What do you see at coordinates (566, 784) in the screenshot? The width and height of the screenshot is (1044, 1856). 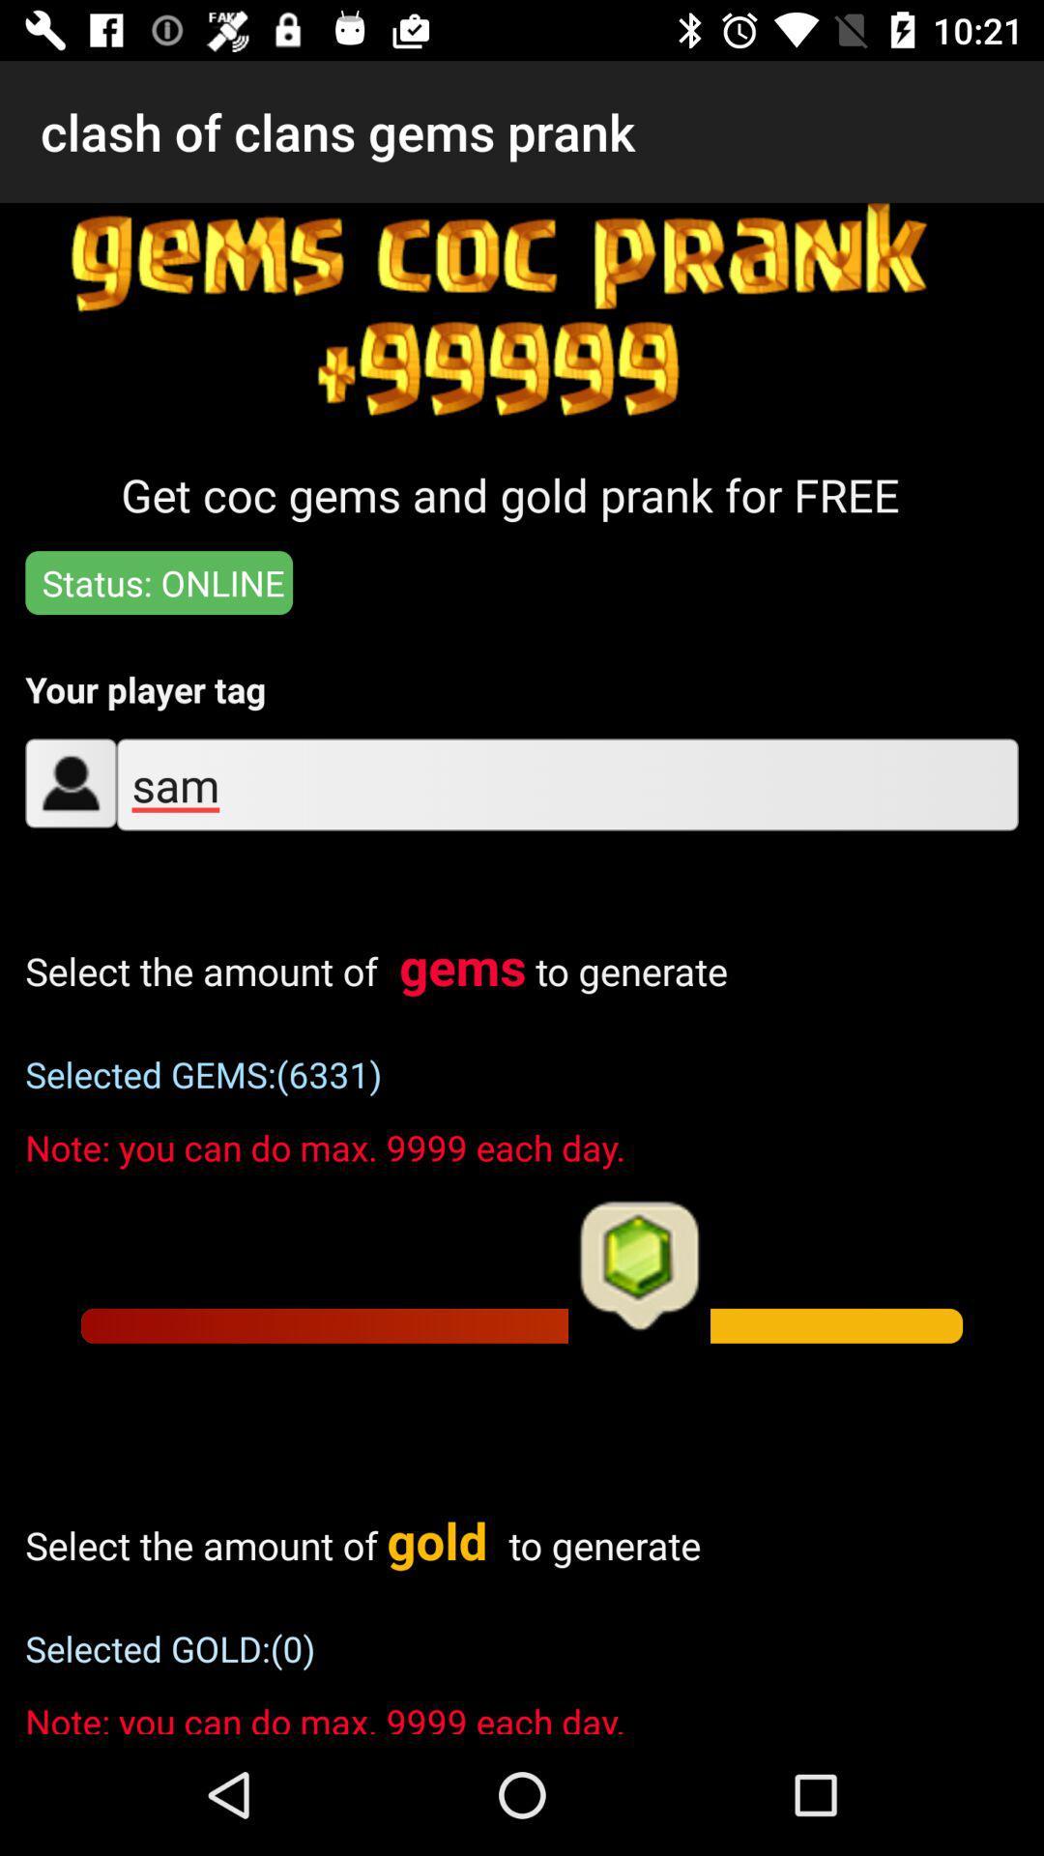 I see `icon above the  gems item` at bounding box center [566, 784].